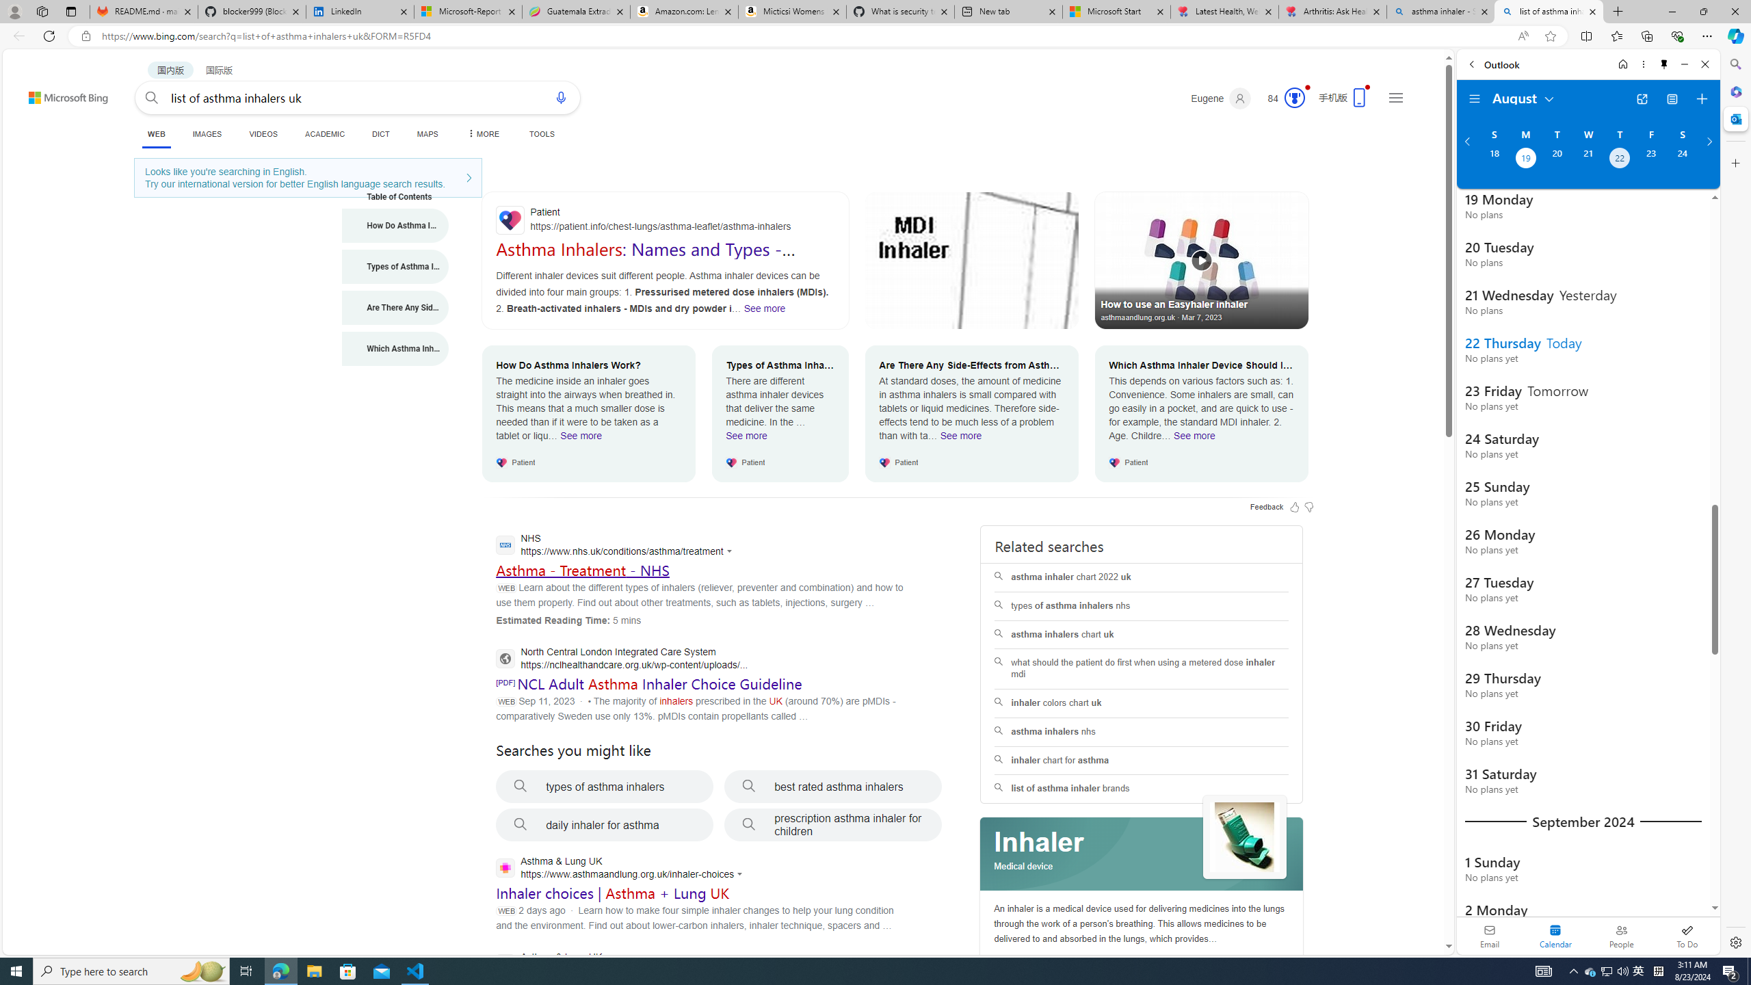 This screenshot has width=1751, height=985. I want to click on 'Arthritis: Ask Health Professionals', so click(1332, 11).